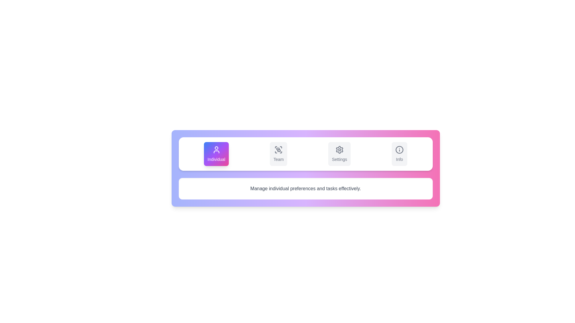 This screenshot has width=575, height=323. Describe the element at coordinates (216, 152) in the screenshot. I see `the vector graphic component representing the user's body in the user profile icon located in the upper section of the interface` at that location.